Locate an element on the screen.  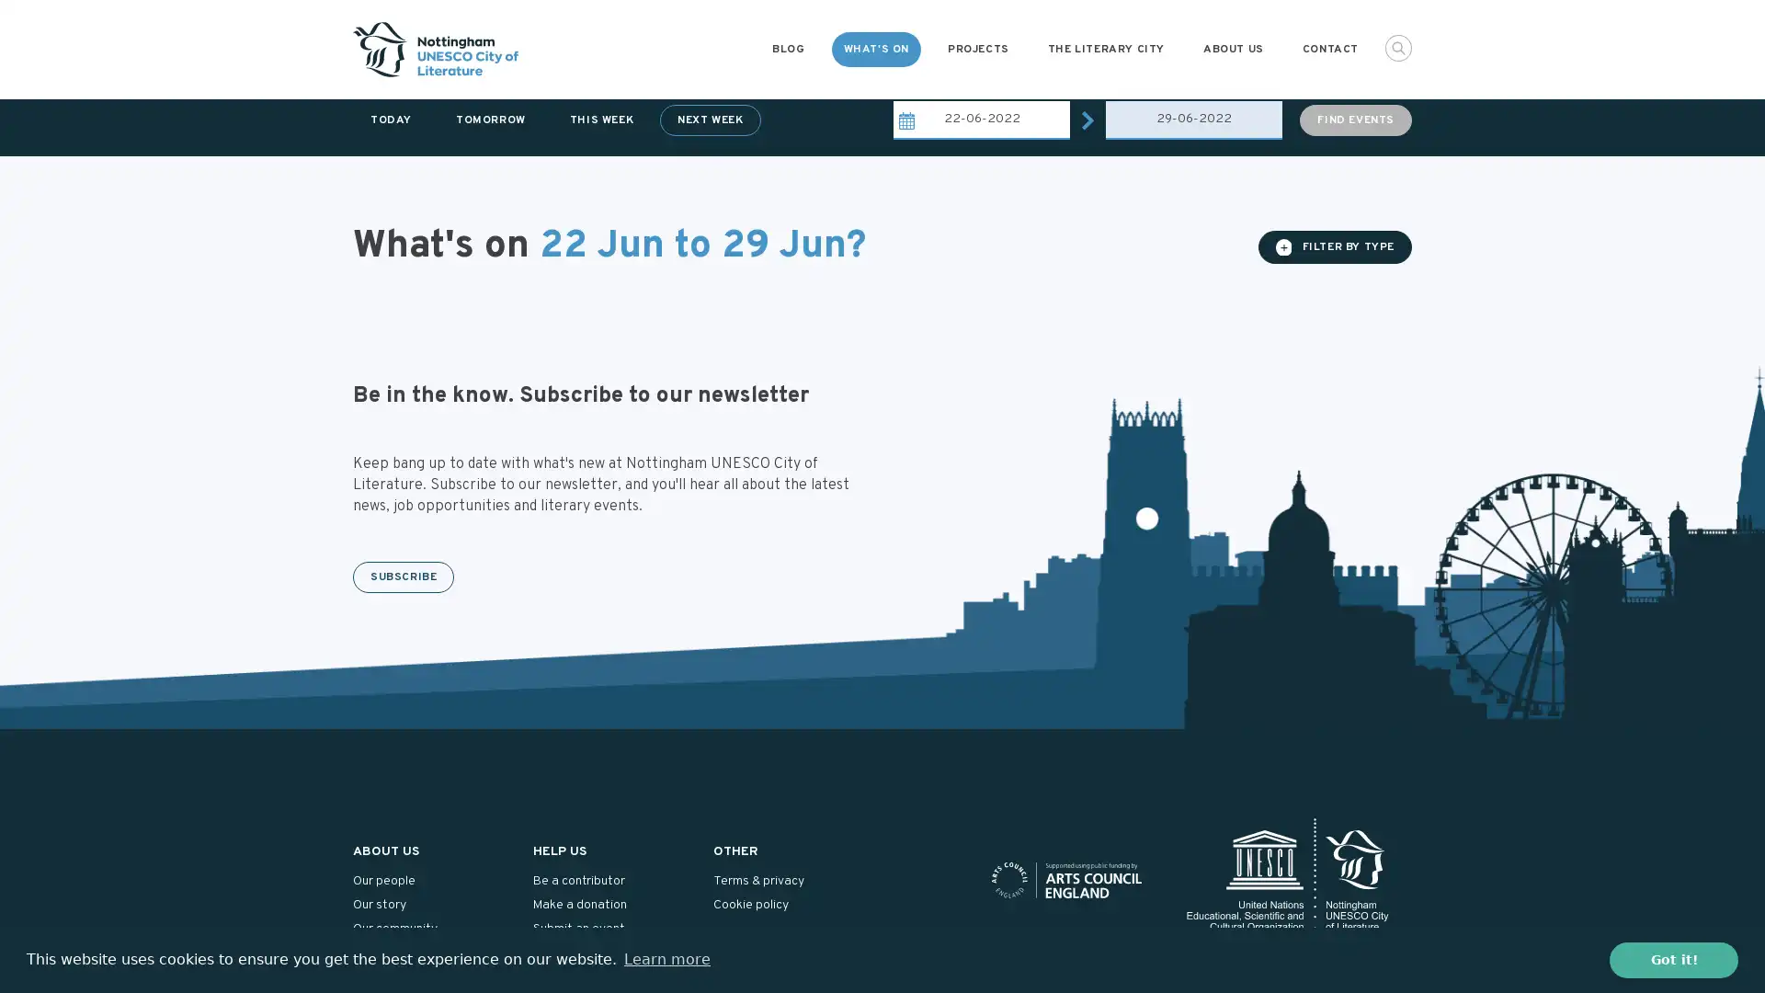
learn more about cookies is located at coordinates (666, 959).